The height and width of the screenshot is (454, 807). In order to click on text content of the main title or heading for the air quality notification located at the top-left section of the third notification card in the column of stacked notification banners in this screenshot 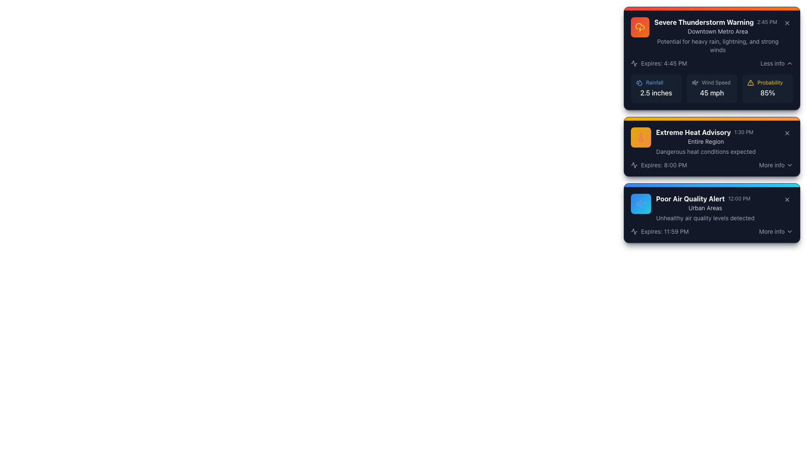, I will do `click(690, 199)`.